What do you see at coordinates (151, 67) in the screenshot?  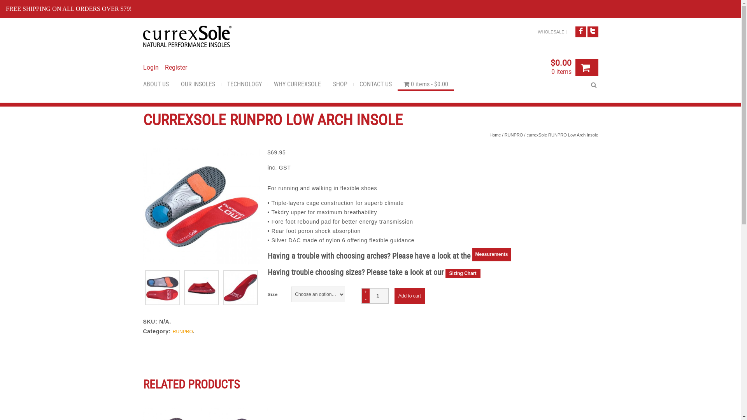 I see `'Login'` at bounding box center [151, 67].